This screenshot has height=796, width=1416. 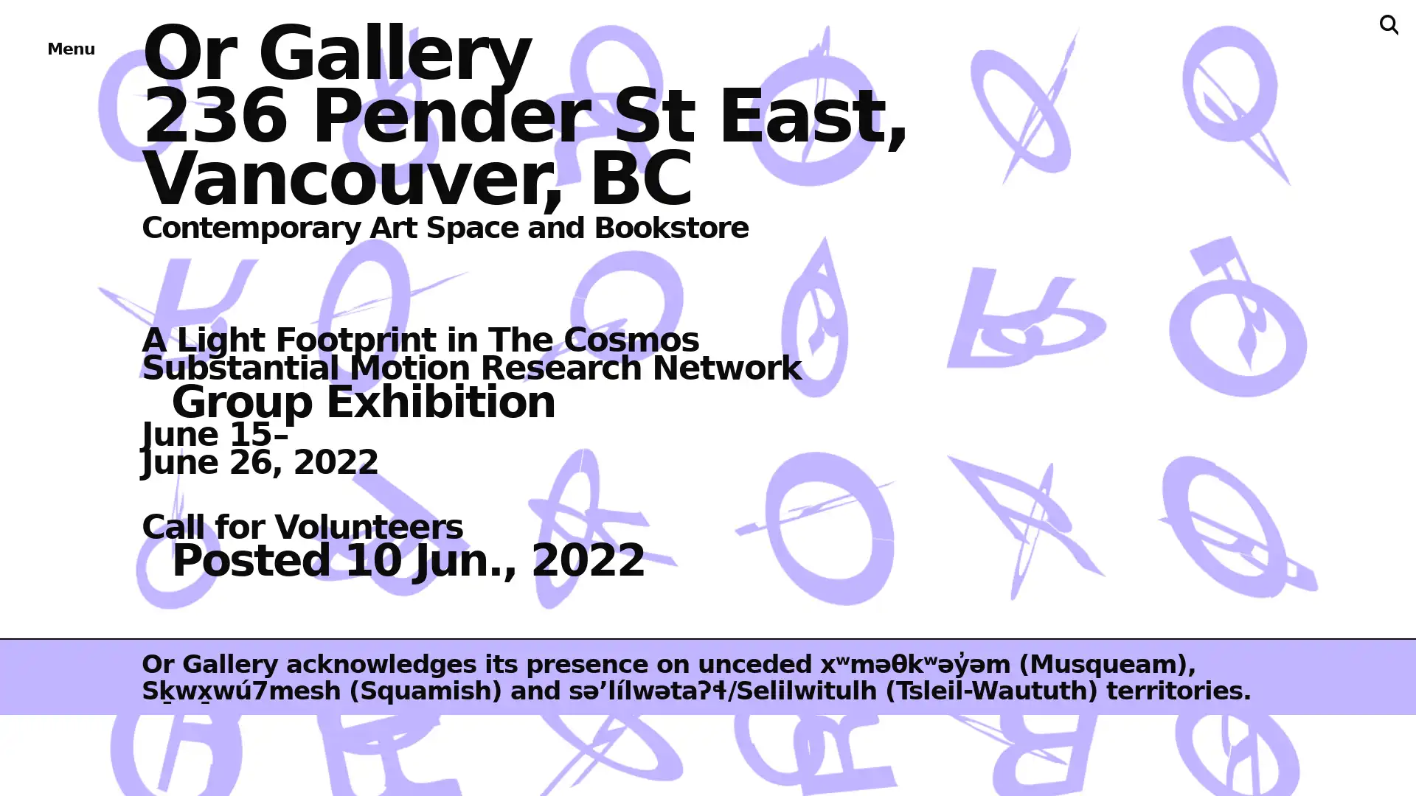 I want to click on Support, so click(x=320, y=653).